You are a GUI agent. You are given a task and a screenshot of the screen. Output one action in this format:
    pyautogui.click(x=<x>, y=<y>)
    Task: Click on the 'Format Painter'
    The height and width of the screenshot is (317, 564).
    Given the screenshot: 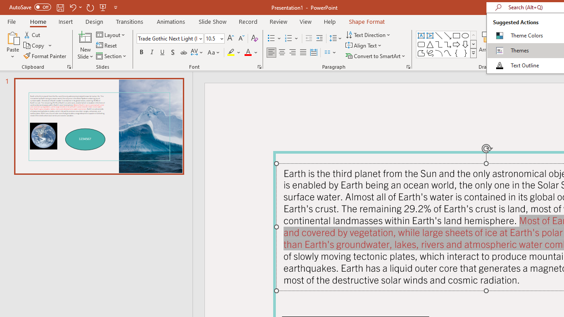 What is the action you would take?
    pyautogui.click(x=45, y=56)
    